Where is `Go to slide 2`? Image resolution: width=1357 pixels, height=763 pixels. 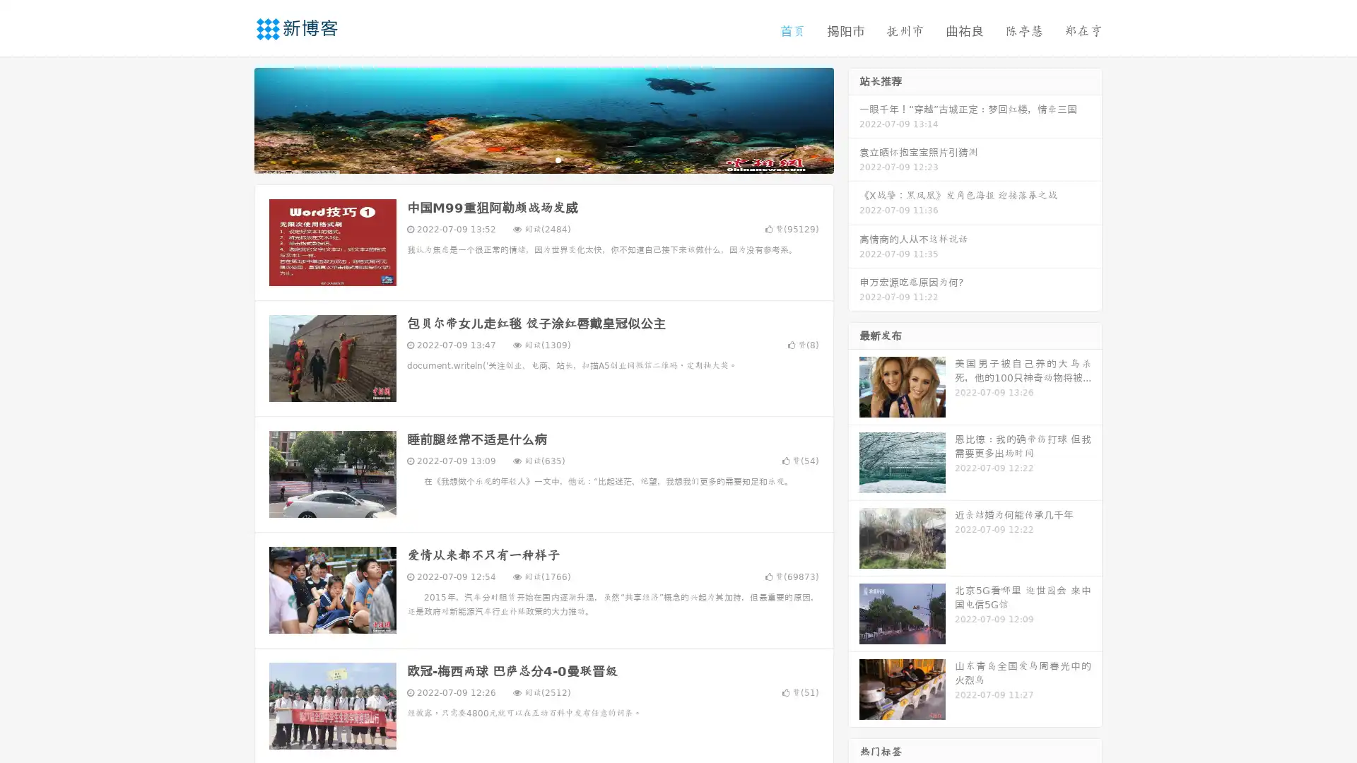 Go to slide 2 is located at coordinates (543, 159).